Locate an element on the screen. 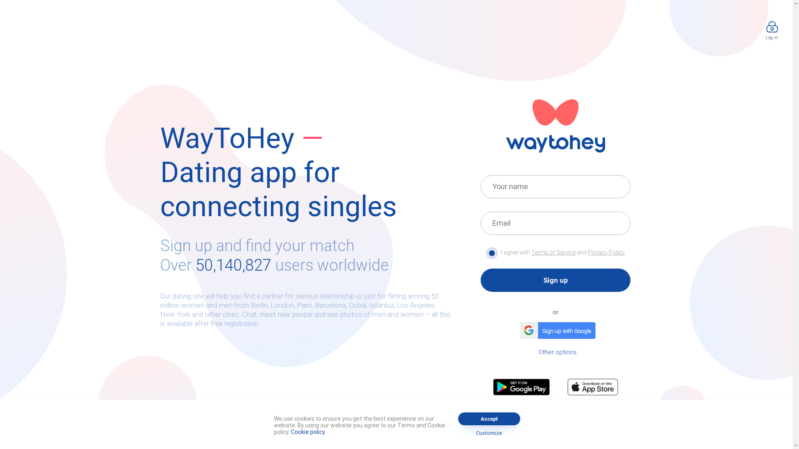 This screenshot has height=449, width=799. 'Cookie policy' is located at coordinates (307, 431).